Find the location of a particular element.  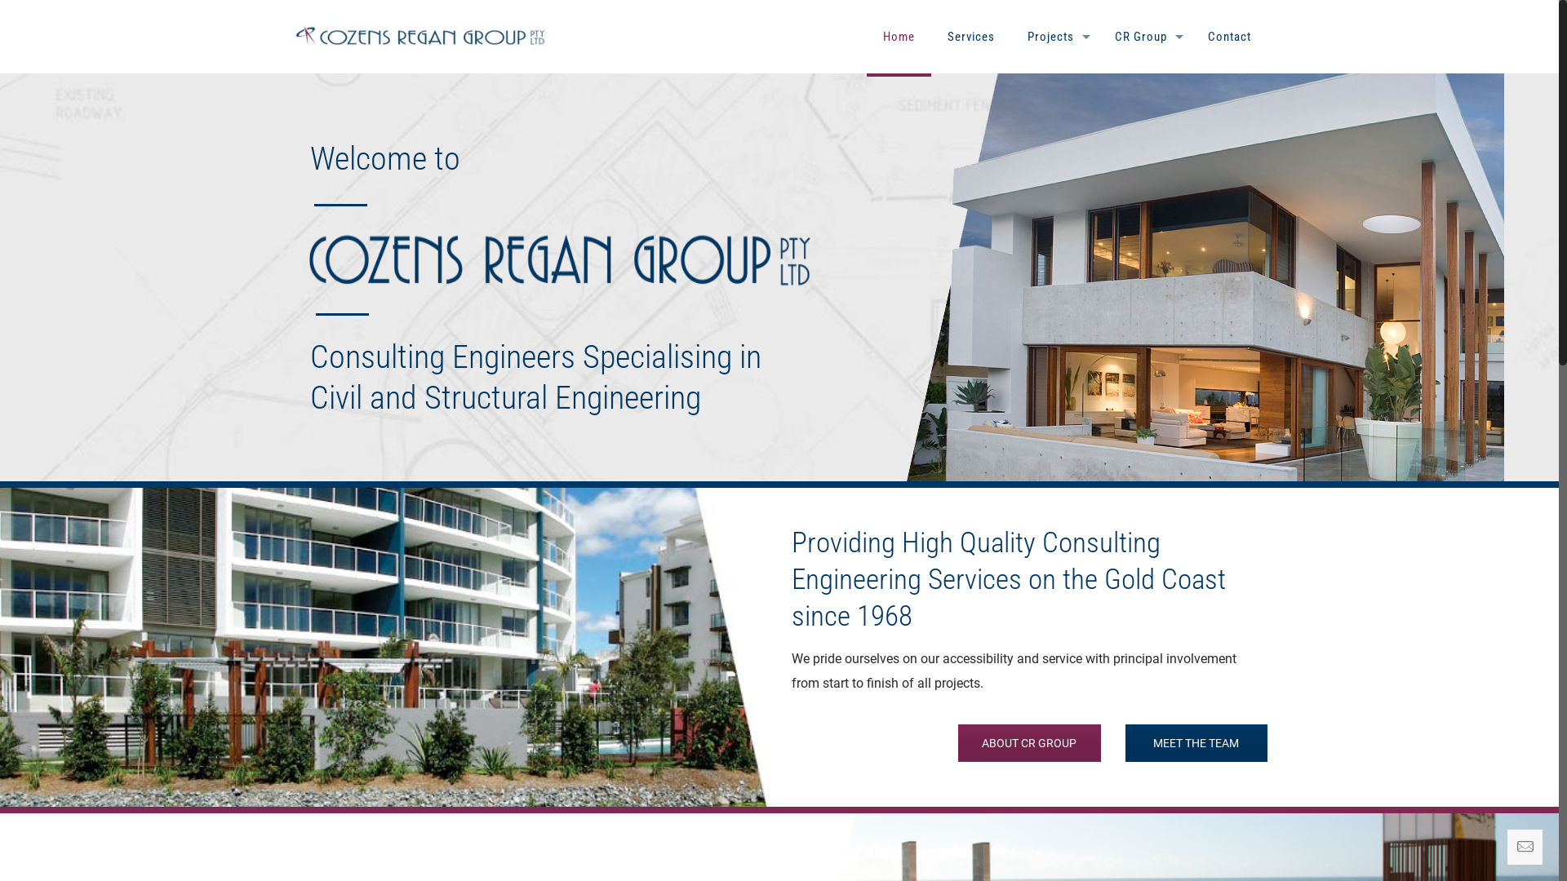

'ABOUT CR GROUP' is located at coordinates (958, 742).